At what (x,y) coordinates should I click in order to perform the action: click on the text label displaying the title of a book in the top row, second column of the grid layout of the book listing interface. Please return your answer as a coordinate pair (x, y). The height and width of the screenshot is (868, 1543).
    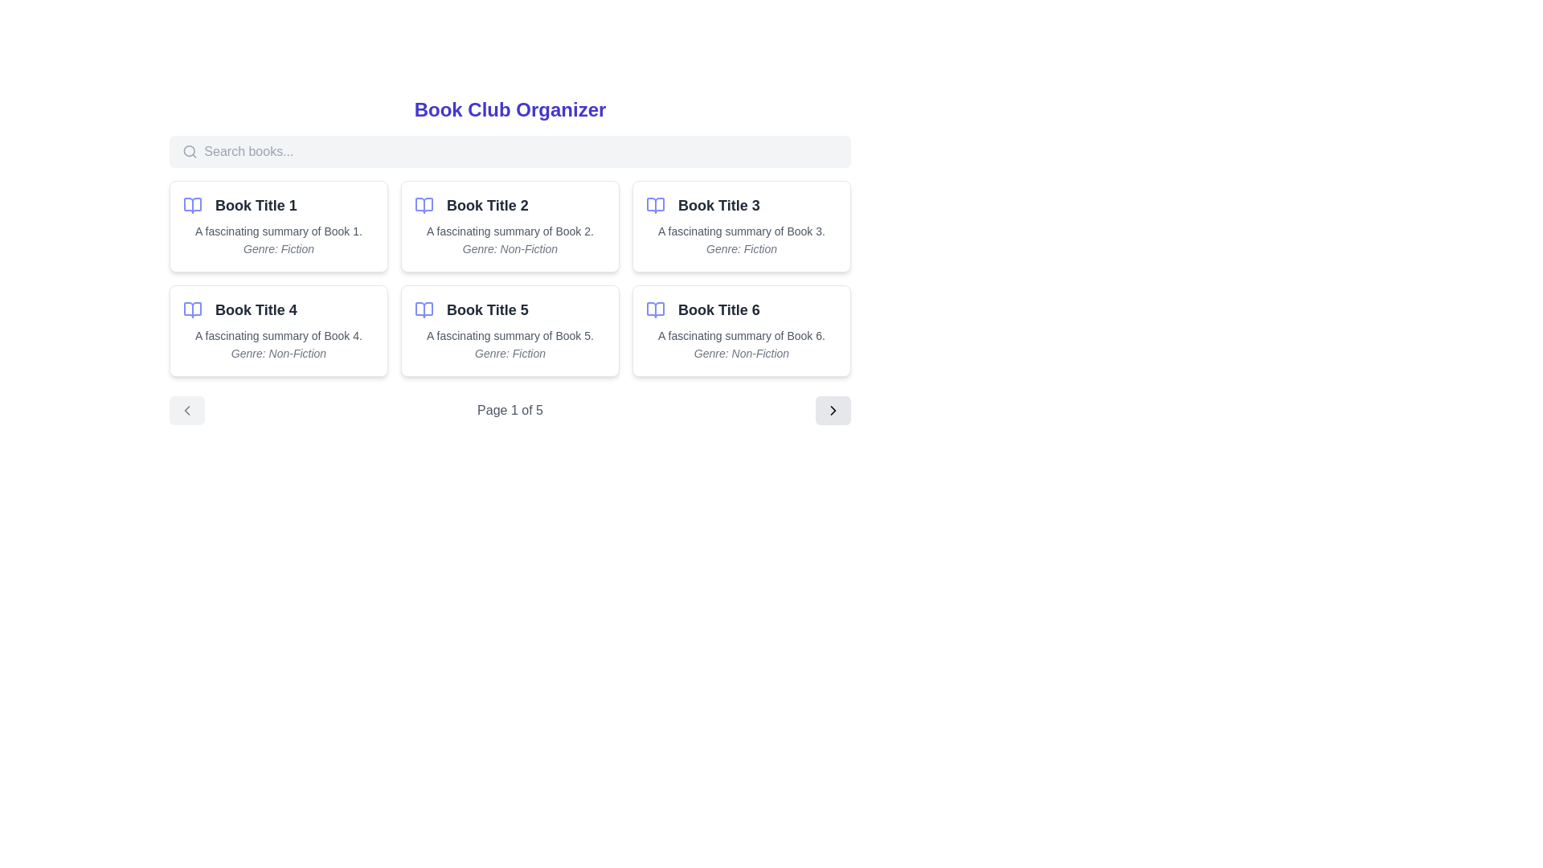
    Looking at the image, I should click on (509, 204).